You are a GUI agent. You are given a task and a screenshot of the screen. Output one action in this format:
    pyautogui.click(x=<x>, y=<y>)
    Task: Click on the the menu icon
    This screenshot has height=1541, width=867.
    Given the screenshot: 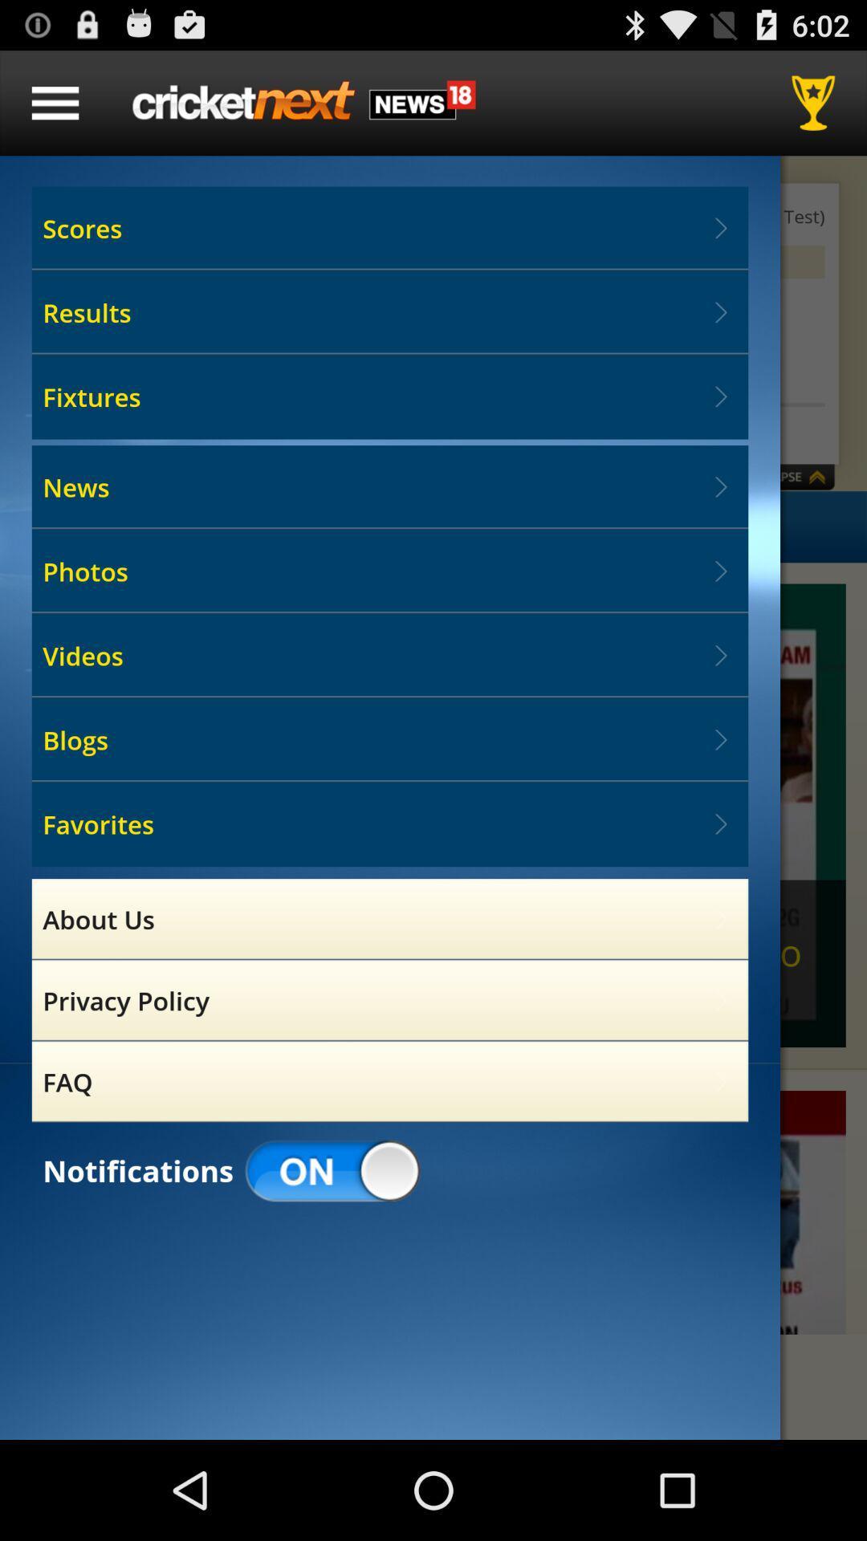 What is the action you would take?
    pyautogui.click(x=55, y=109)
    